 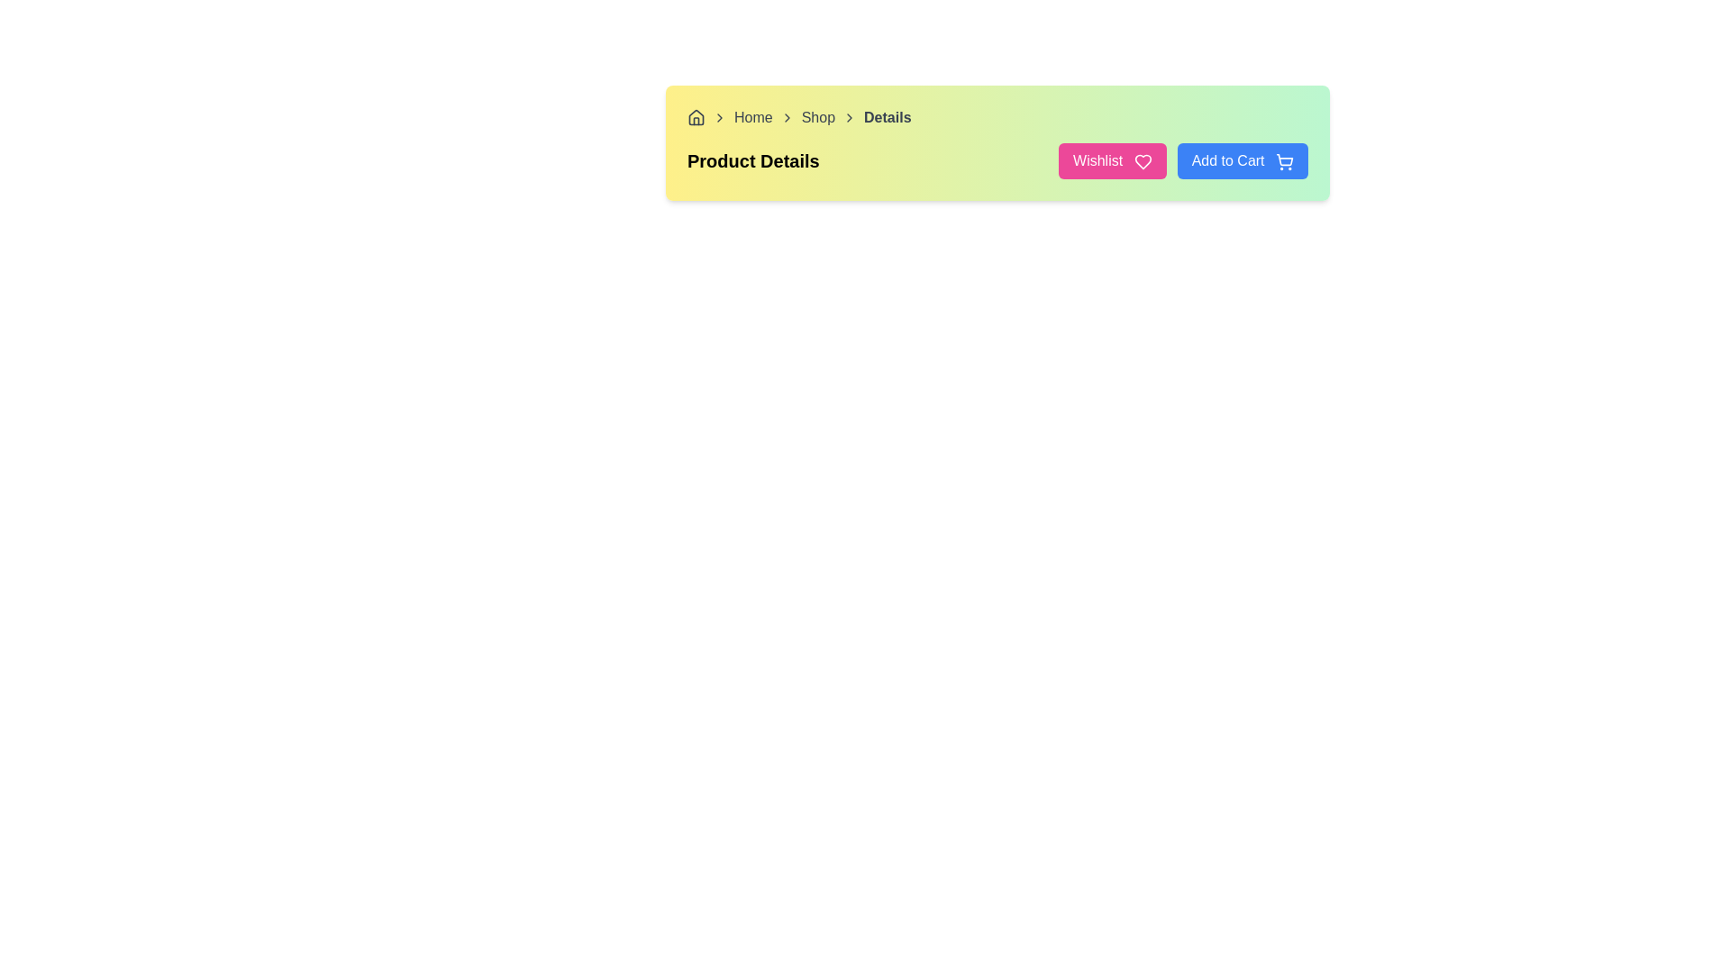 What do you see at coordinates (1242, 159) in the screenshot?
I see `the 'Add to Cart' button, which is a rectangular button with a blue background and white text, located to the right of the 'Wishlist' button` at bounding box center [1242, 159].